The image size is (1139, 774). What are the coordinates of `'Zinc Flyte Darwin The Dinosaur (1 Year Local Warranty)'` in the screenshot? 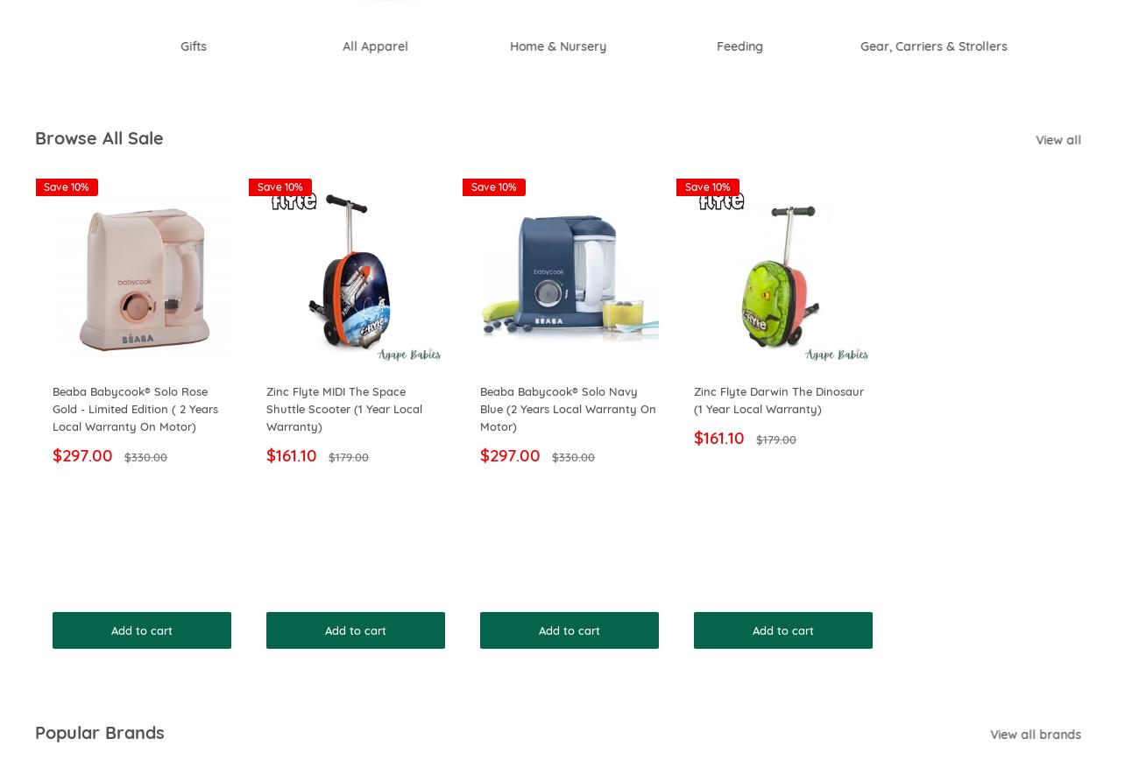 It's located at (777, 400).